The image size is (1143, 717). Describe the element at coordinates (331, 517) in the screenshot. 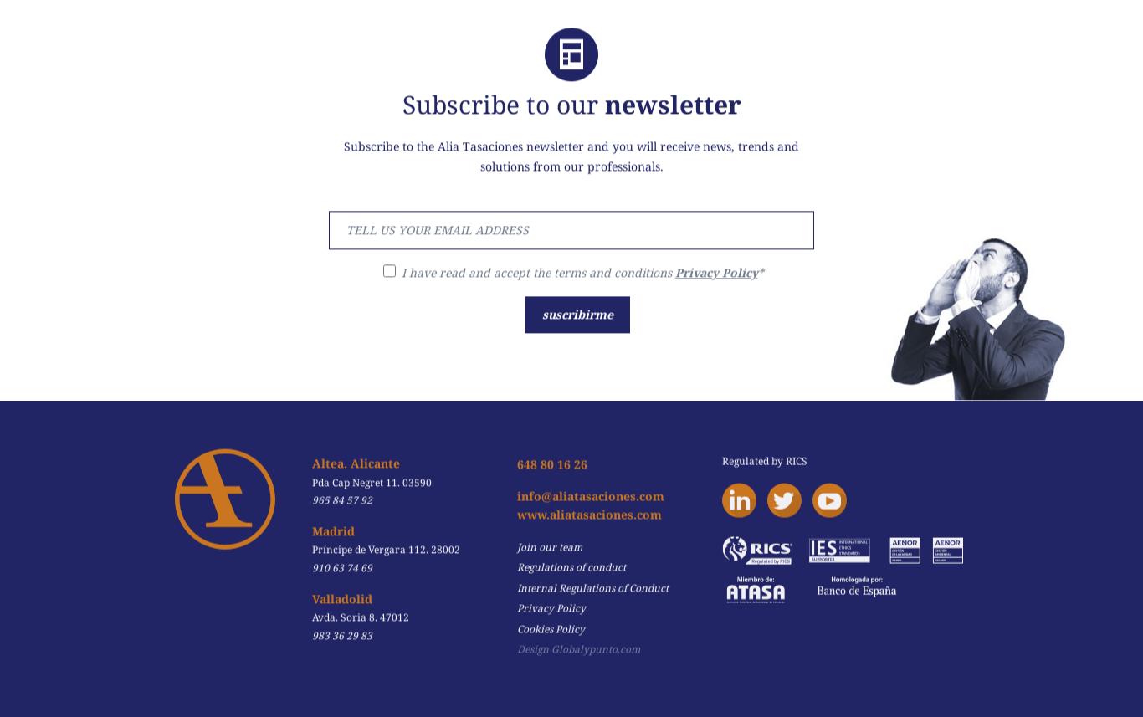

I see `'Madrid'` at that location.